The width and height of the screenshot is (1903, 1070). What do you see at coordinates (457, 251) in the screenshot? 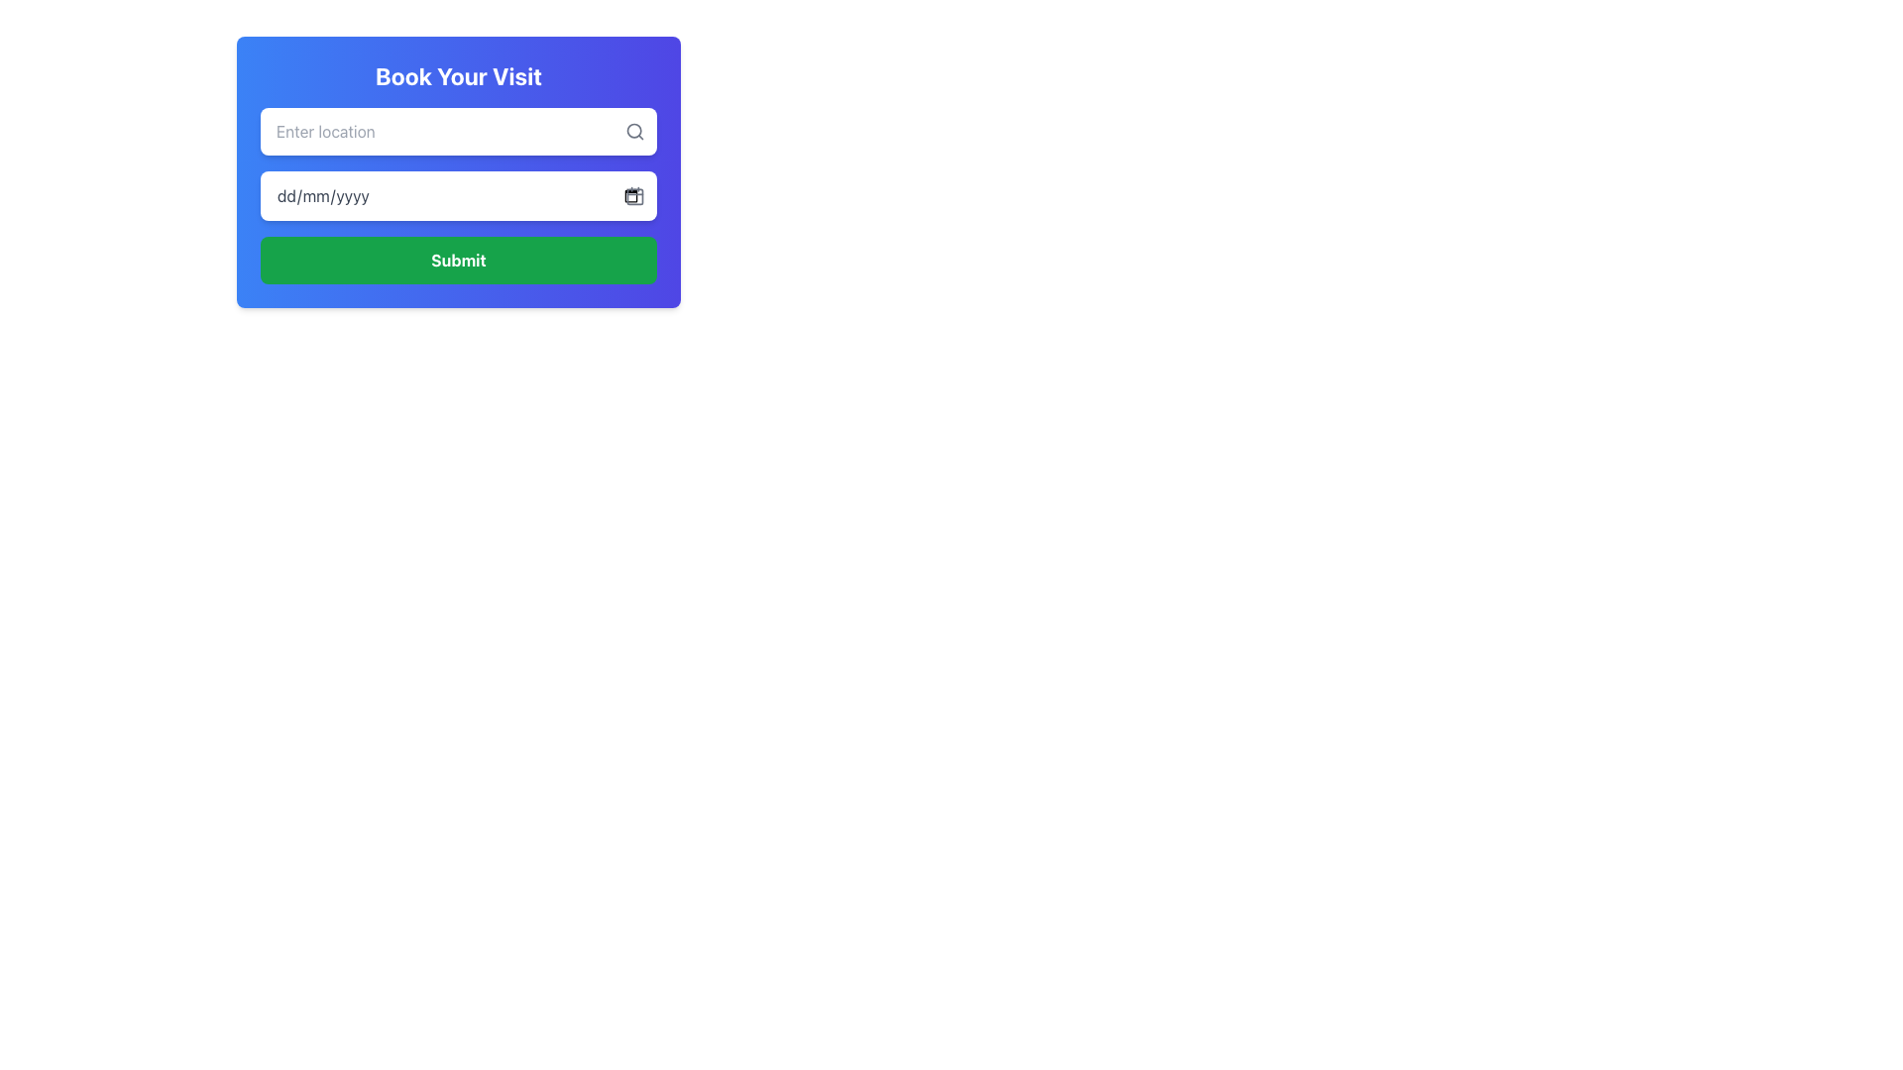
I see `the green rectangular 'Submit' button at the bottom of the form interface` at bounding box center [457, 251].